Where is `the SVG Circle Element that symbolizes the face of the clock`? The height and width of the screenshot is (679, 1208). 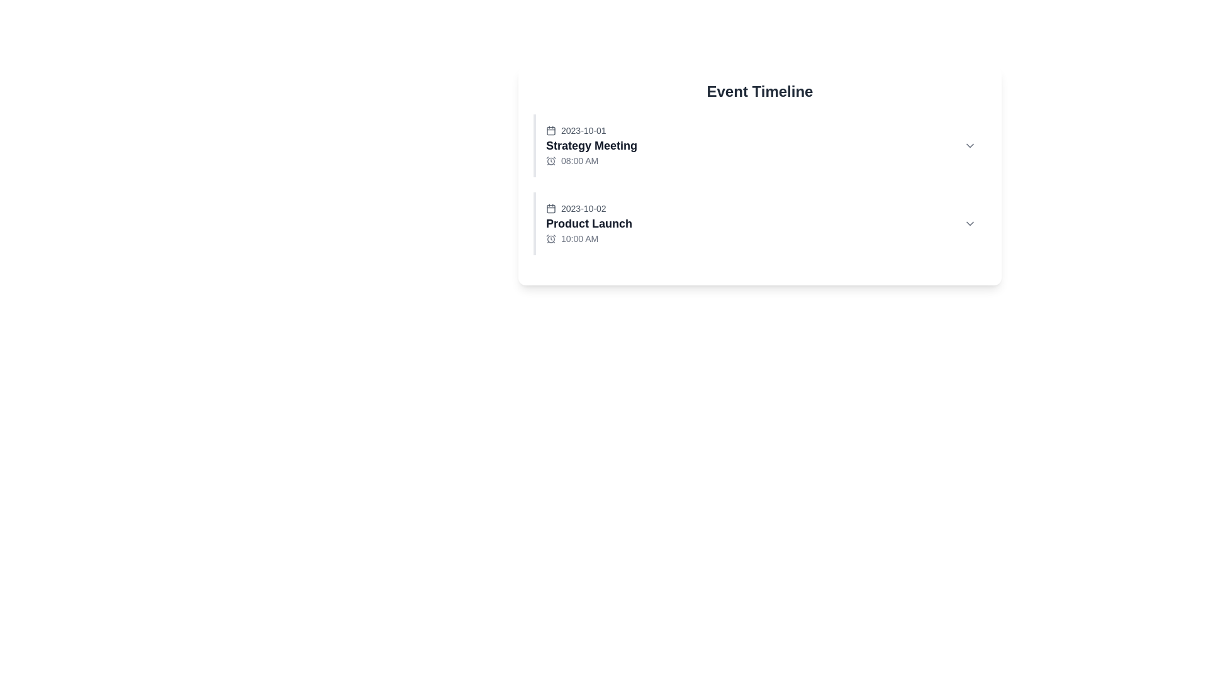 the SVG Circle Element that symbolizes the face of the clock is located at coordinates (551, 239).